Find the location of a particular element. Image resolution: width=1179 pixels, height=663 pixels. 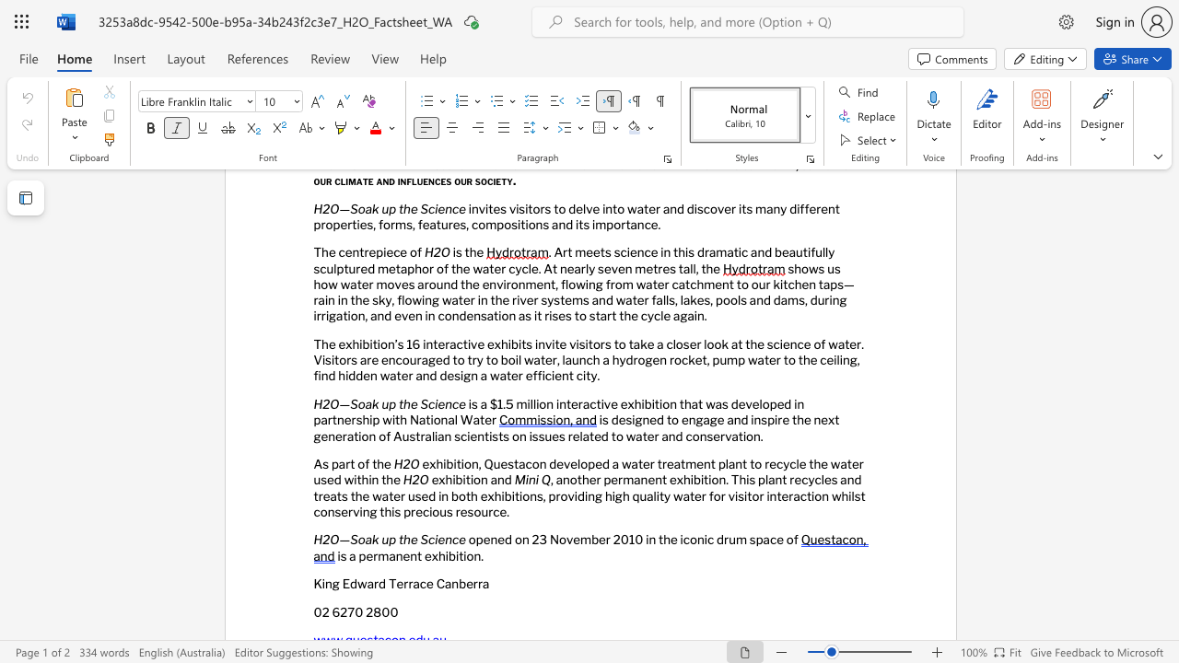

the space between the continuous character "A" and "s" in the text is located at coordinates (321, 463).